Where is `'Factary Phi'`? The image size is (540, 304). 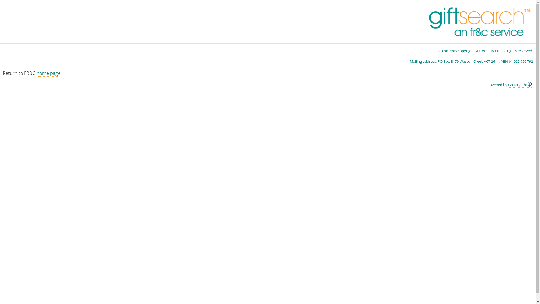 'Factary Phi' is located at coordinates (508, 85).